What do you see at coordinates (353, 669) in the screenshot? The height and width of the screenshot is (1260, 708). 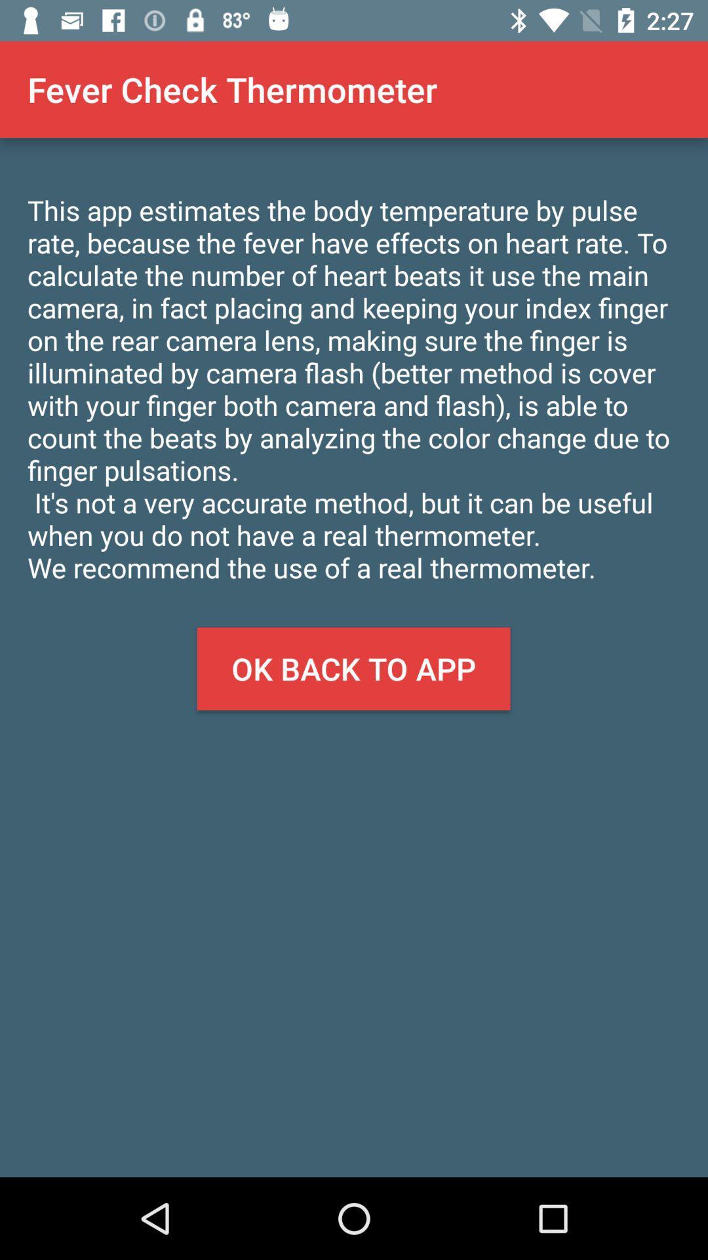 I see `the ok back to` at bounding box center [353, 669].